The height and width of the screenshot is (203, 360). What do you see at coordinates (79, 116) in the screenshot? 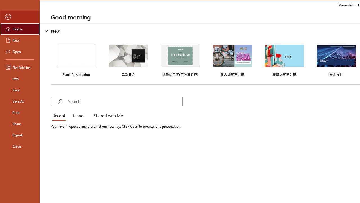
I see `'Pinned'` at bounding box center [79, 116].